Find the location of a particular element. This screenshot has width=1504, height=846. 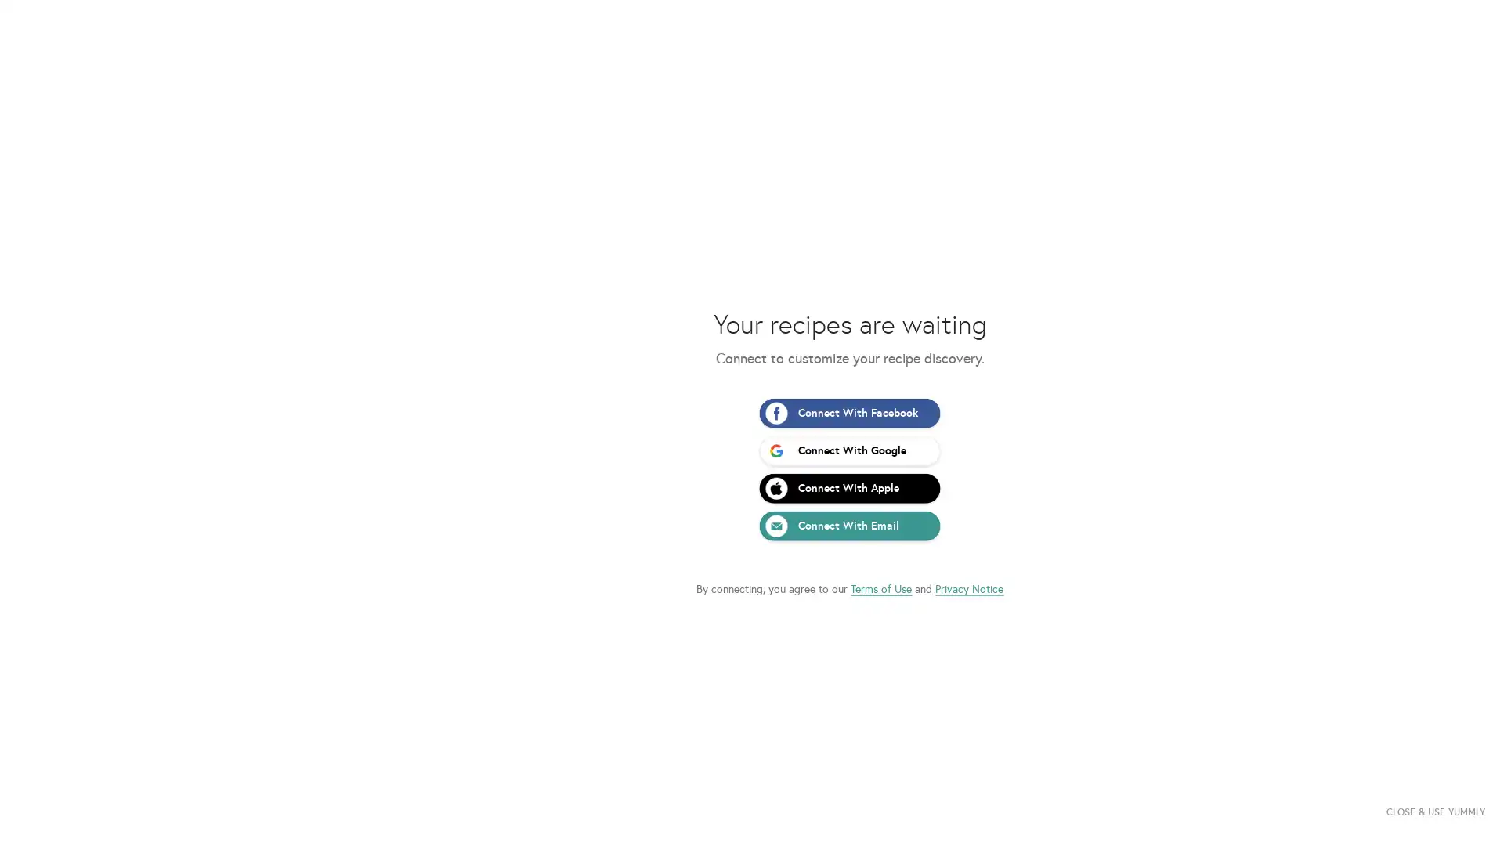

Connect with Apple is located at coordinates (750, 487).